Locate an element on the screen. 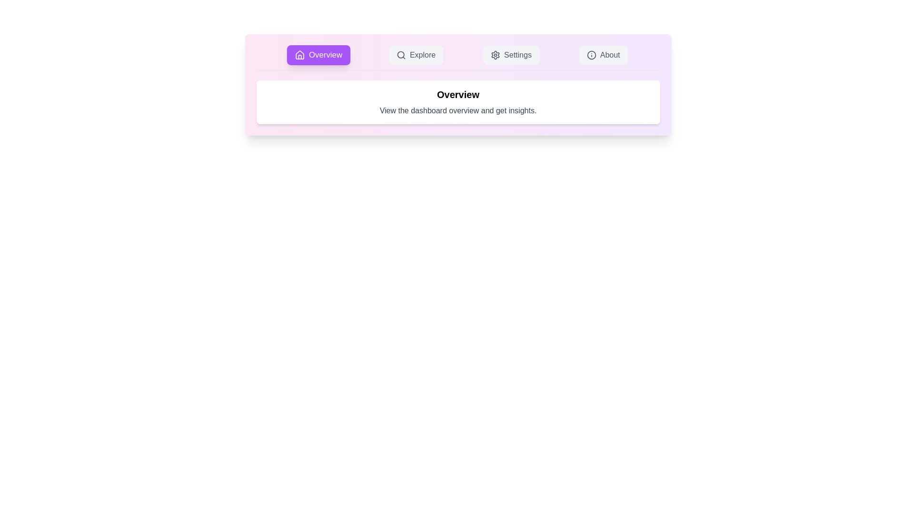  the Explore tab to view its content is located at coordinates (416, 55).